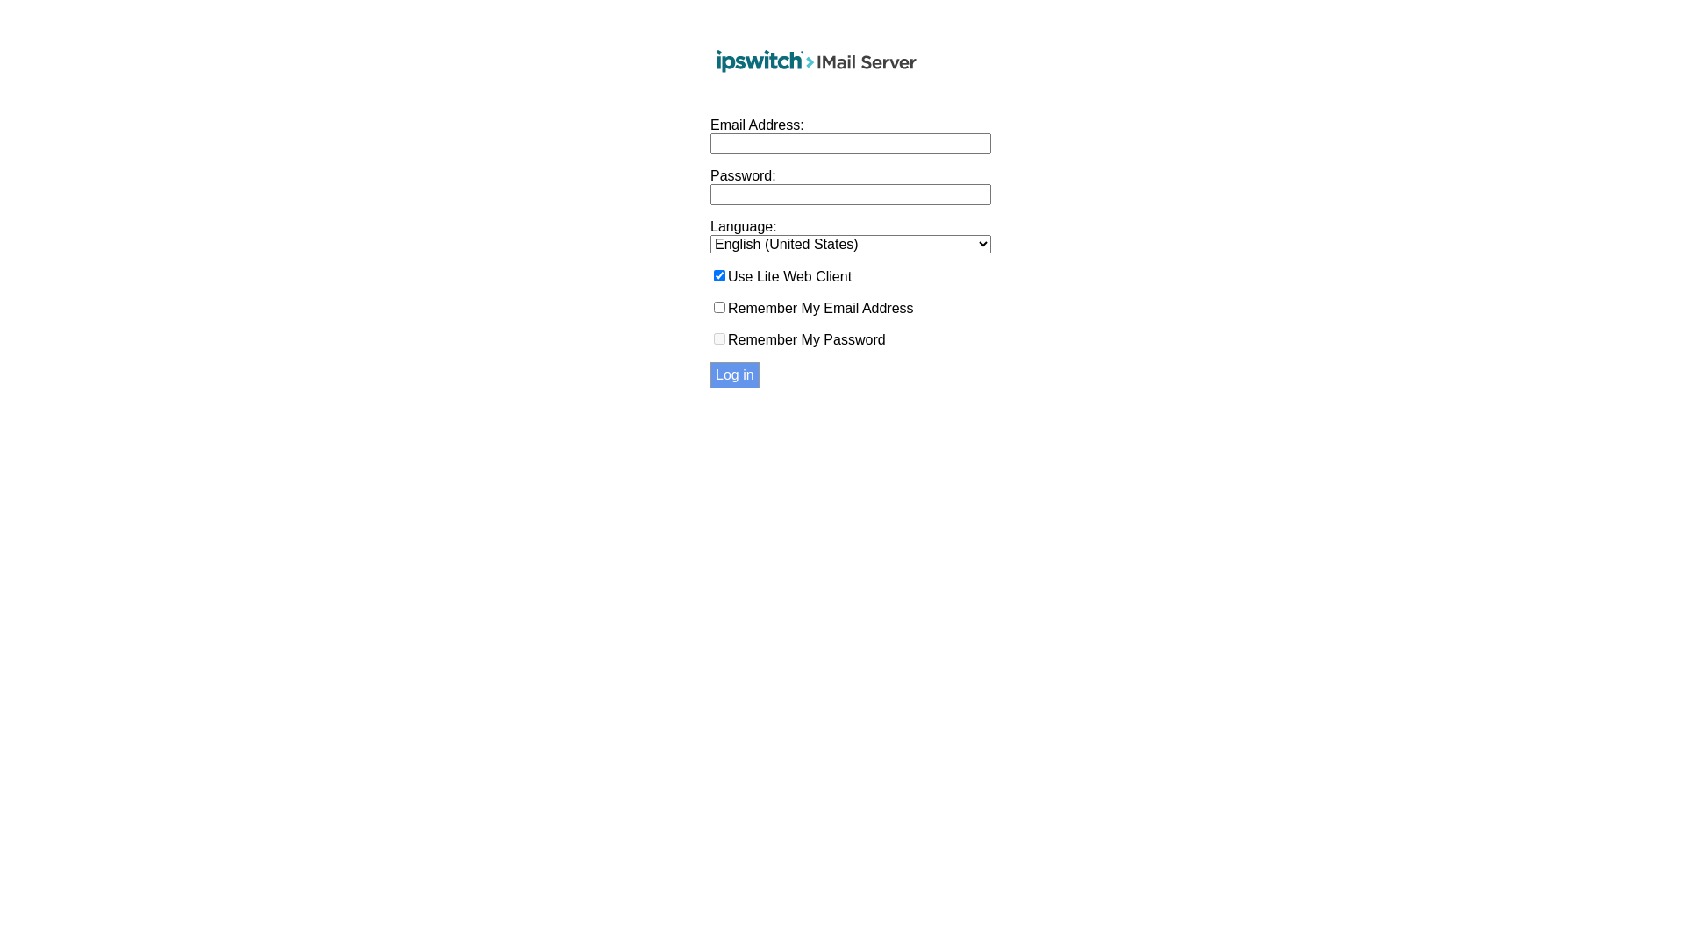 The image size is (1684, 947). Describe the element at coordinates (719, 275) in the screenshot. I see `'on'` at that location.